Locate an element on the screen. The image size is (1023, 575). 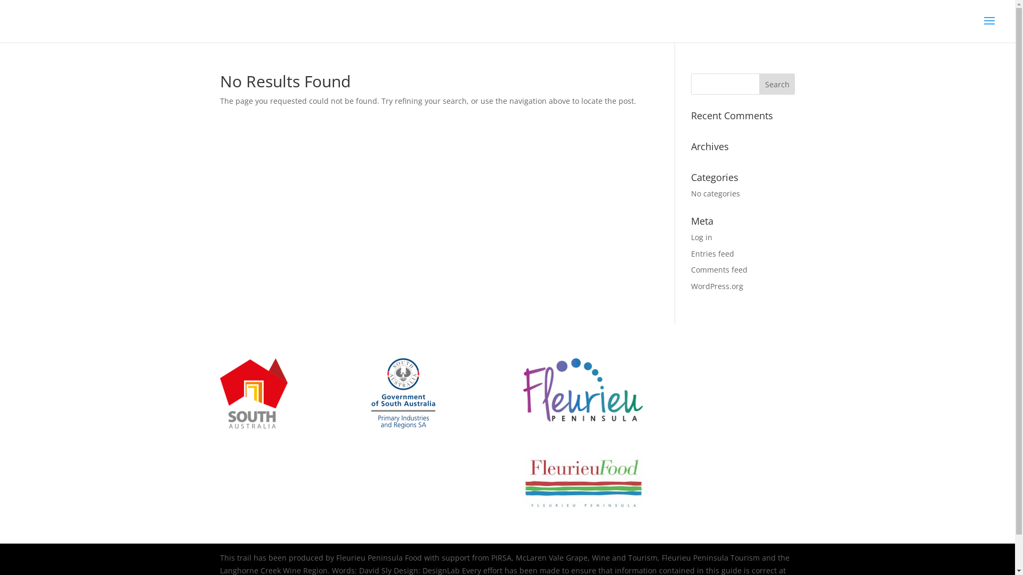
'Entries feed' is located at coordinates (712, 253).